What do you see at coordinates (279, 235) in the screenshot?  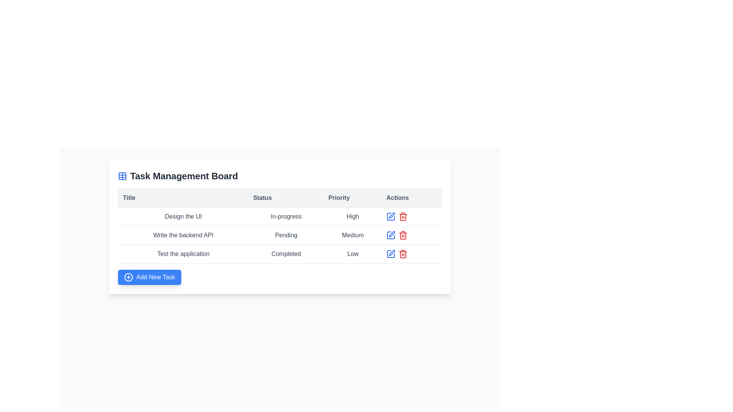 I see `the Text label displaying the status of the task 'Write the backend API' located in the second row of the table's 'Status' column` at bounding box center [279, 235].